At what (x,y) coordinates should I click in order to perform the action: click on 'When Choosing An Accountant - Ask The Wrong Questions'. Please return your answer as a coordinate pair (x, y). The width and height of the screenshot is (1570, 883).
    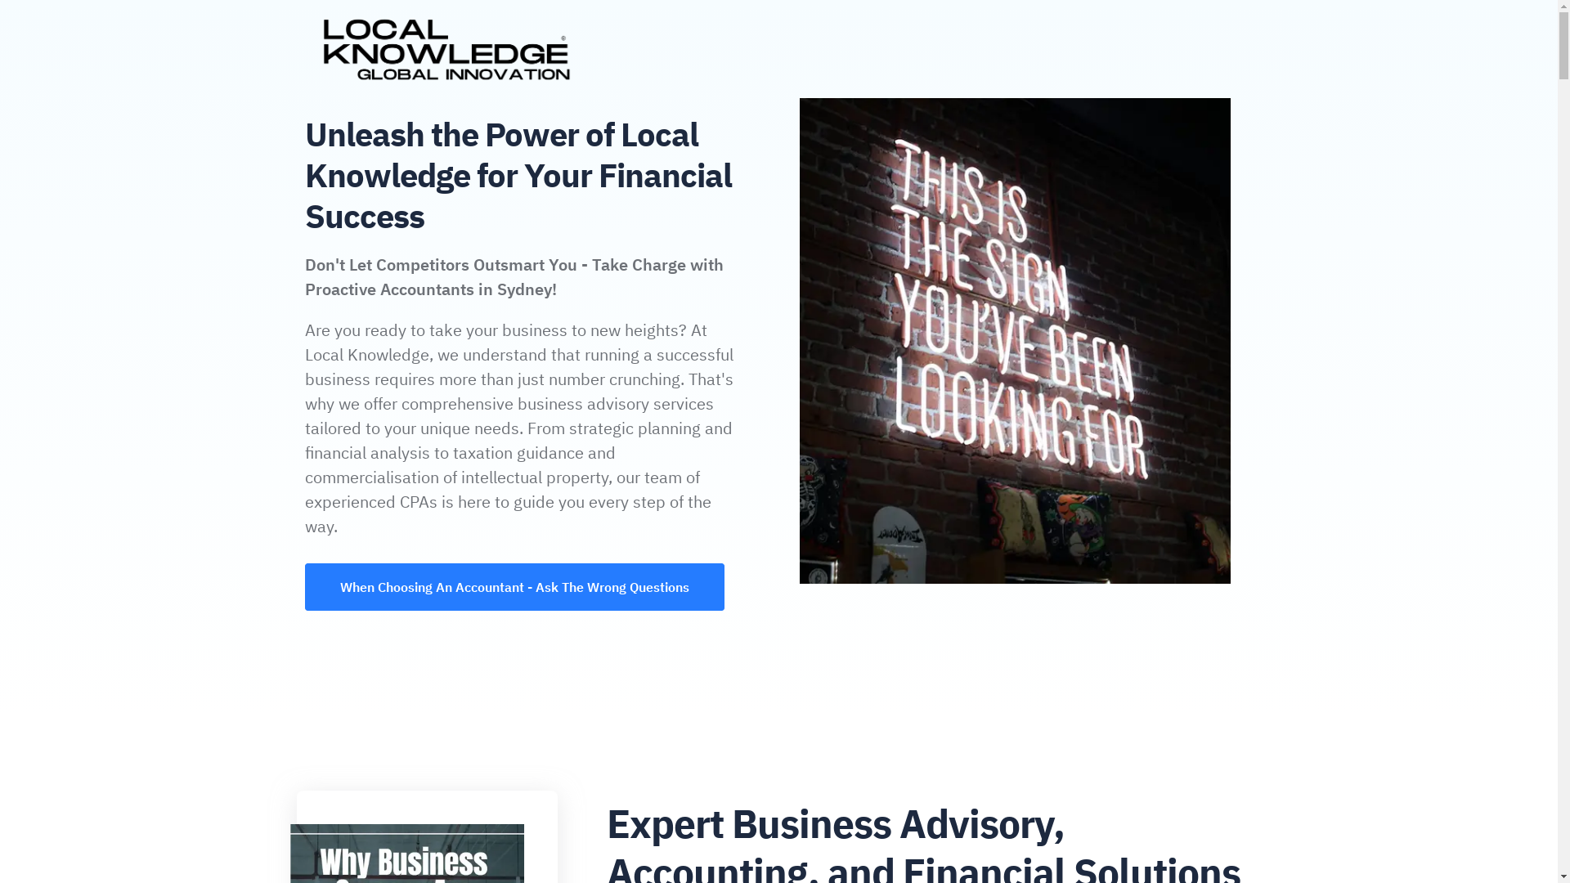
    Looking at the image, I should click on (514, 585).